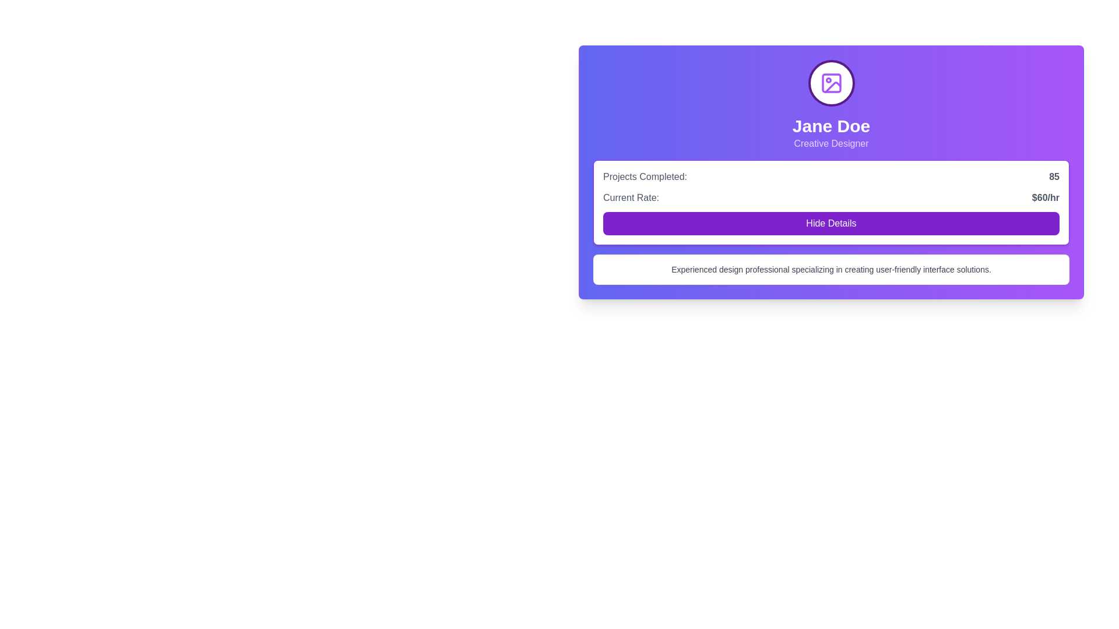 The height and width of the screenshot is (629, 1119). What do you see at coordinates (831, 269) in the screenshot?
I see `the text label that states 'Experienced design professional specializing in creating user-friendly interface solutions.' positioned at the center of the lower area of the vertical card layout` at bounding box center [831, 269].